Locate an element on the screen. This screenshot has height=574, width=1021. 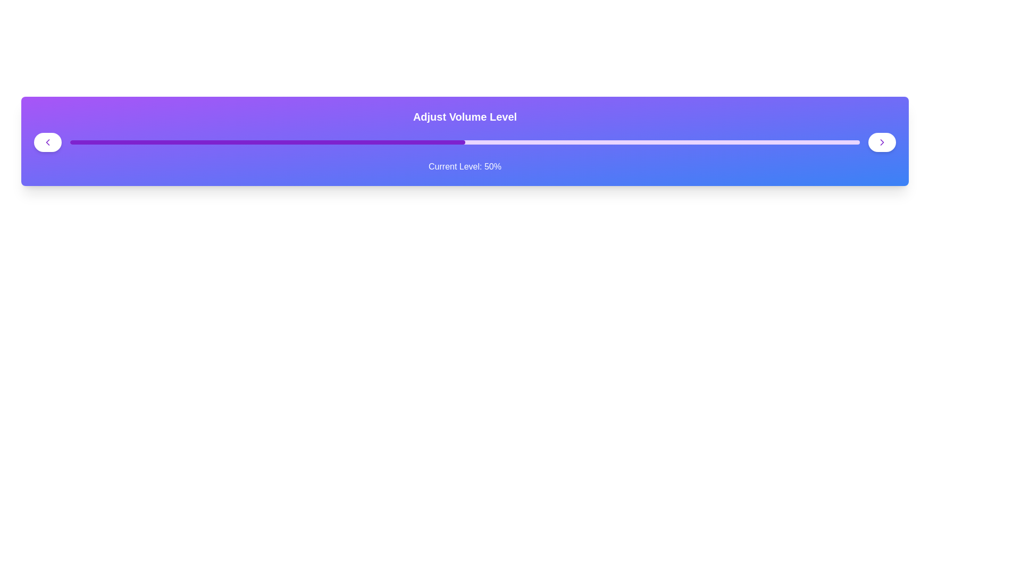
the volume decrease button located at the far left of the horizontal volume control bar to decrease the volume level is located at coordinates (47, 141).